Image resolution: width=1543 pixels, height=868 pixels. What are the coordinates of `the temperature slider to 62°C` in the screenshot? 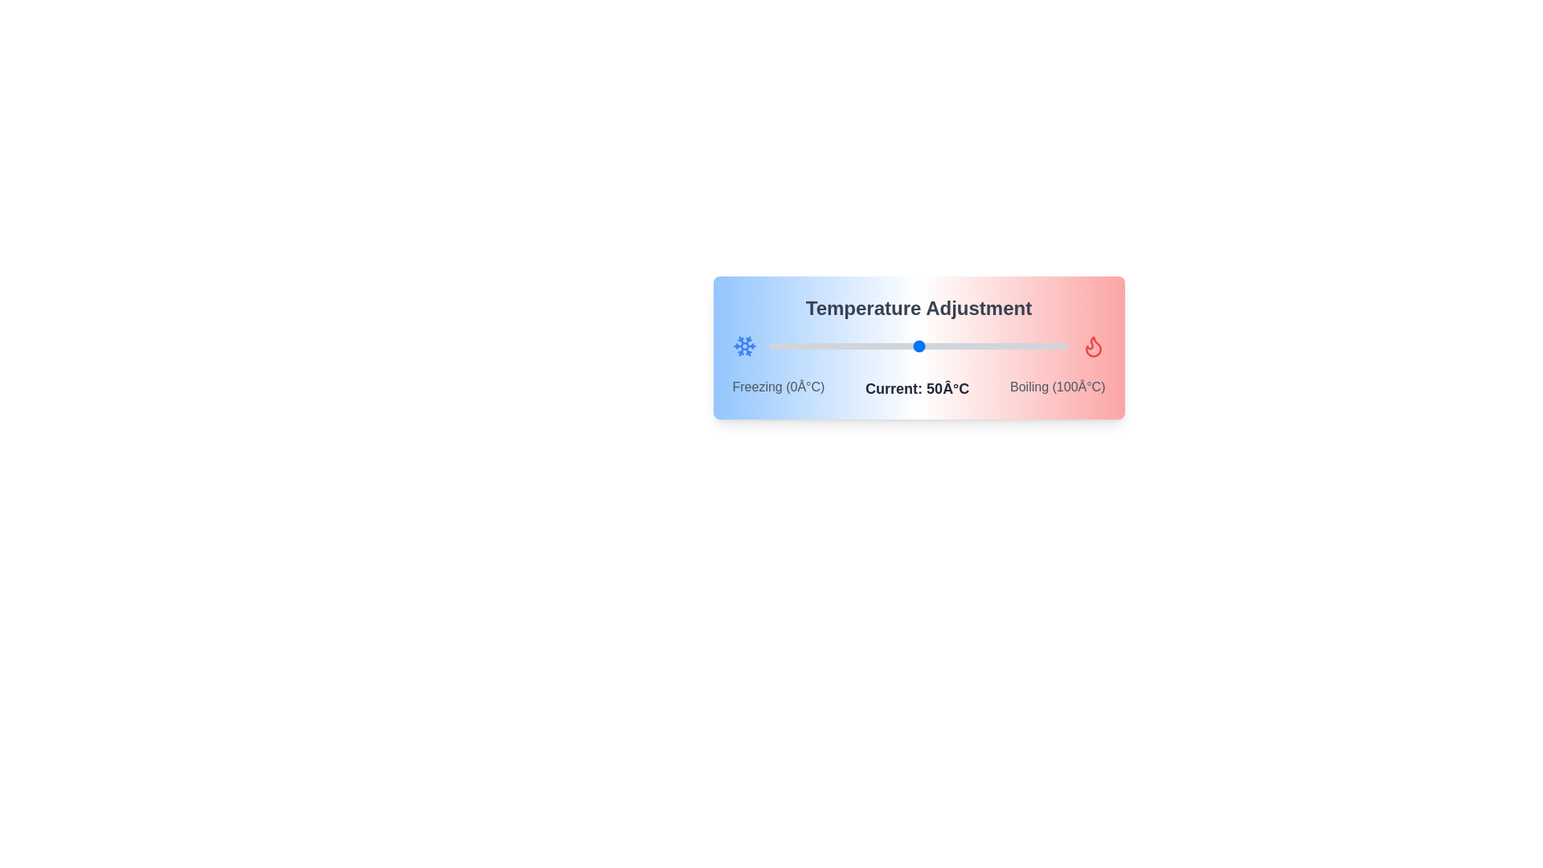 It's located at (955, 346).